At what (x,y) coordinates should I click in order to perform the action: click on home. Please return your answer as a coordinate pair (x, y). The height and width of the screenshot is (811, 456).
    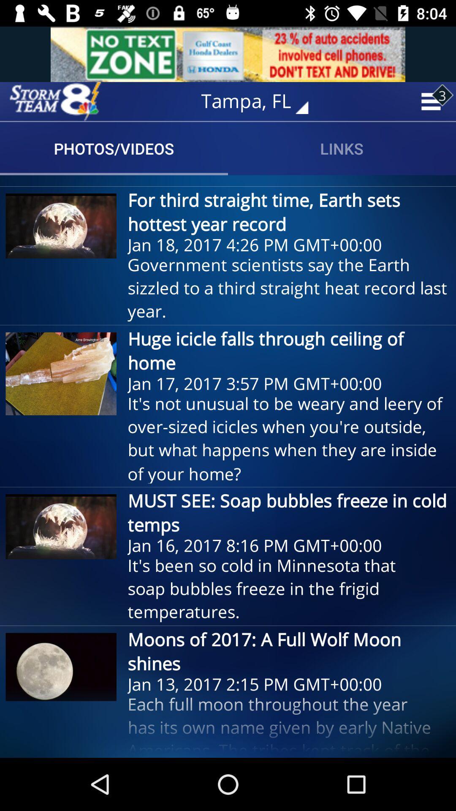
    Looking at the image, I should click on (55, 101).